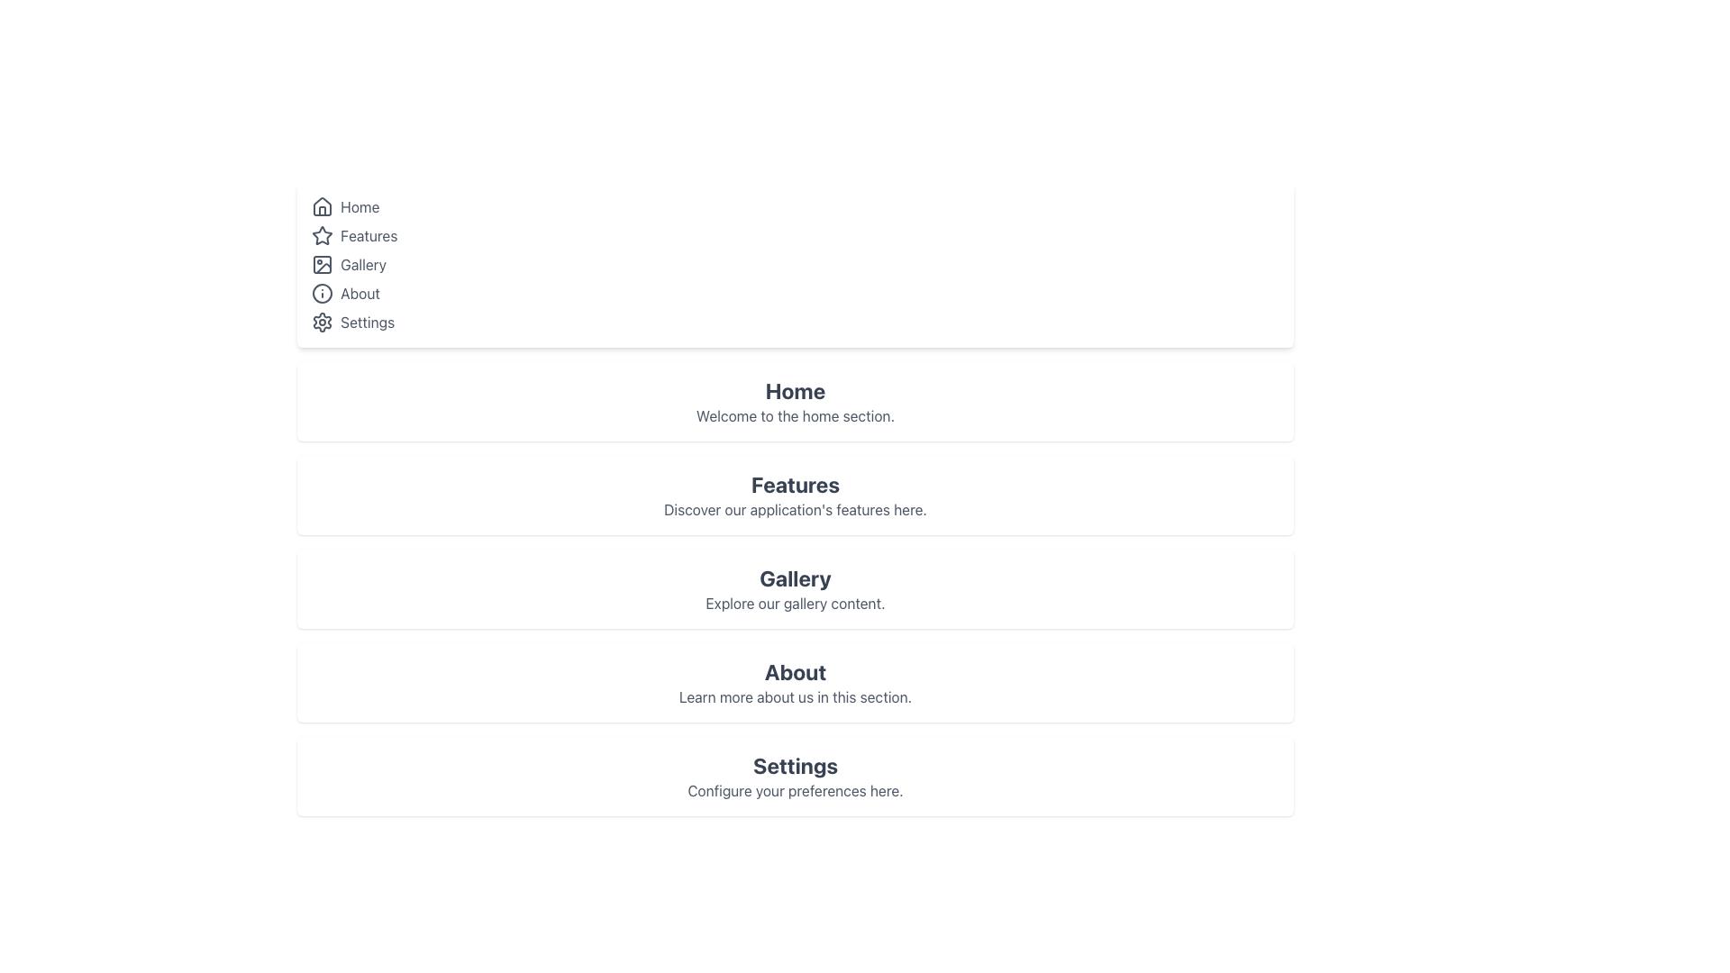 This screenshot has width=1730, height=973. Describe the element at coordinates (368, 235) in the screenshot. I see `the 'Features' text label in the navigation menu for keyboard navigation` at that location.